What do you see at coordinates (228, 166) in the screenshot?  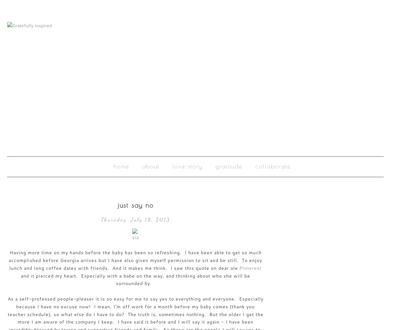 I see `'Gratitude'` at bounding box center [228, 166].